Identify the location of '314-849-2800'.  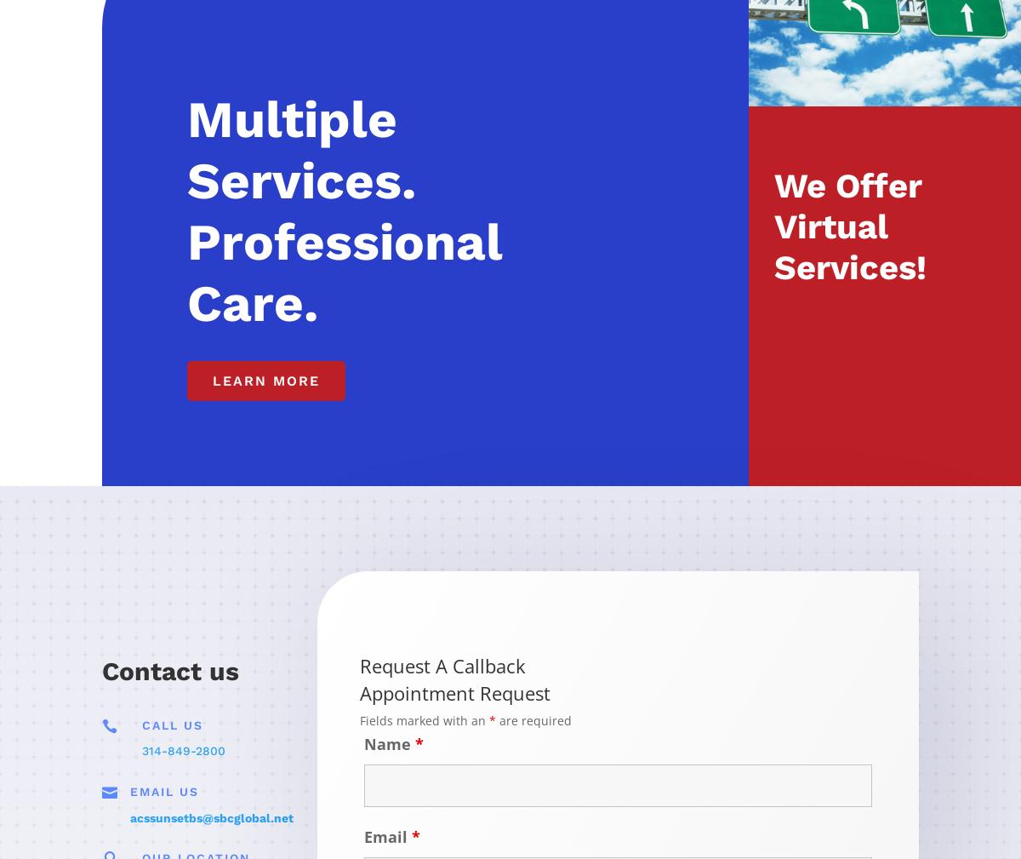
(183, 750).